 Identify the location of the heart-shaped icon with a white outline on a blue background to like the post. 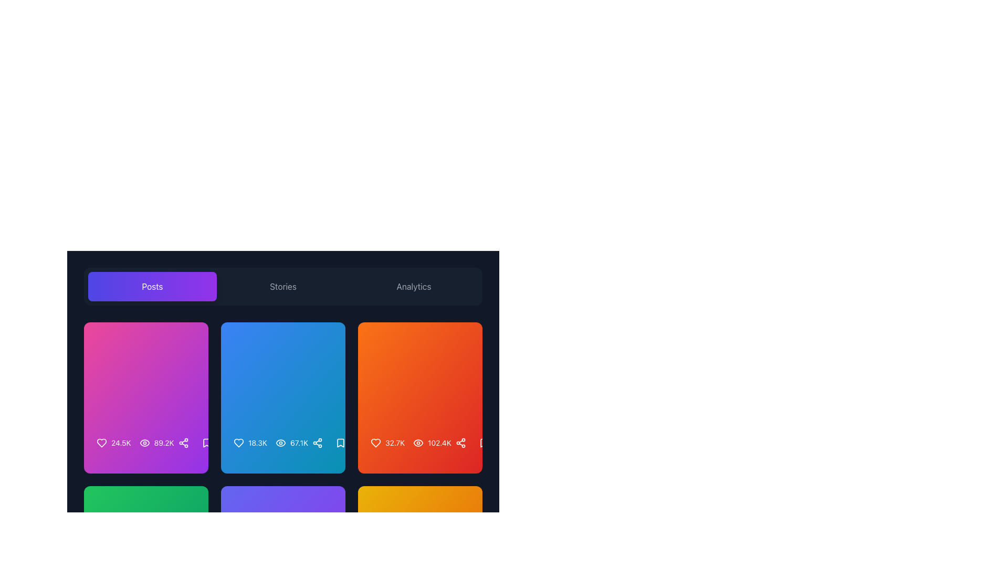
(238, 443).